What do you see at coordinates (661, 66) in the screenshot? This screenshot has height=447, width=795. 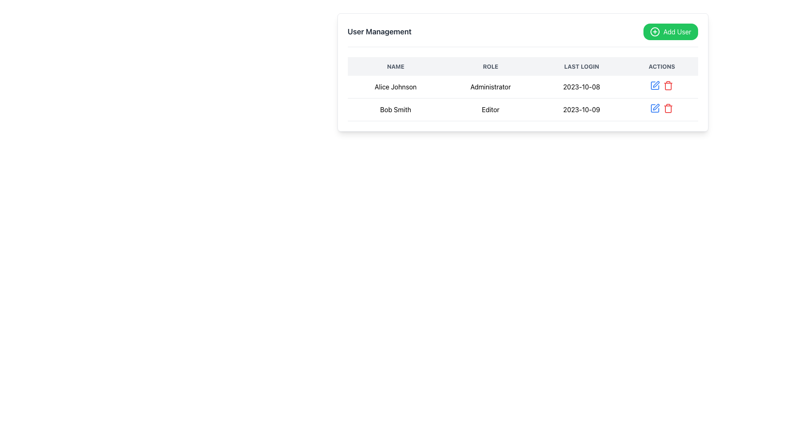 I see `the text label that serves as the fourth column header in the user management interface, located at the far-right of the header row` at bounding box center [661, 66].